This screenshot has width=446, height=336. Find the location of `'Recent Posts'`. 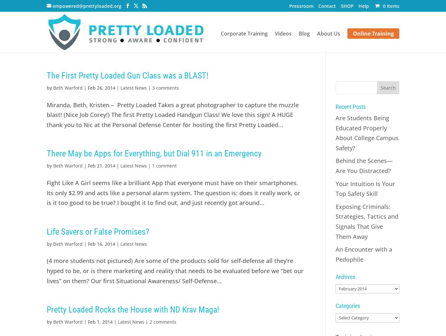

'Recent Posts' is located at coordinates (335, 106).